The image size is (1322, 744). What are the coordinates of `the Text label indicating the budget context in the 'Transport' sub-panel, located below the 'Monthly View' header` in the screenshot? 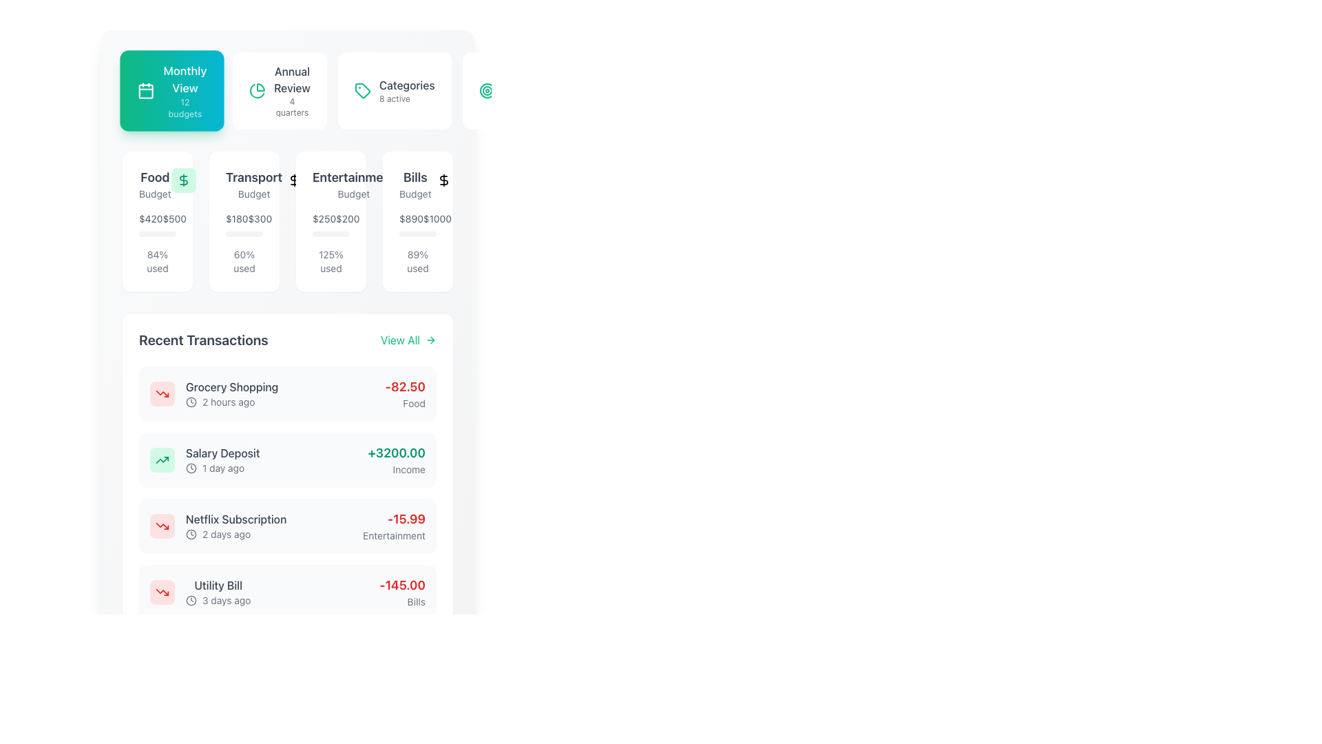 It's located at (254, 194).